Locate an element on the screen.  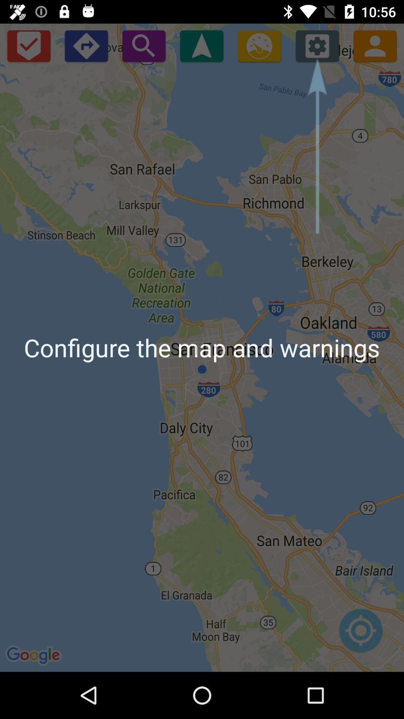
icon above configure the map icon is located at coordinates (317, 45).